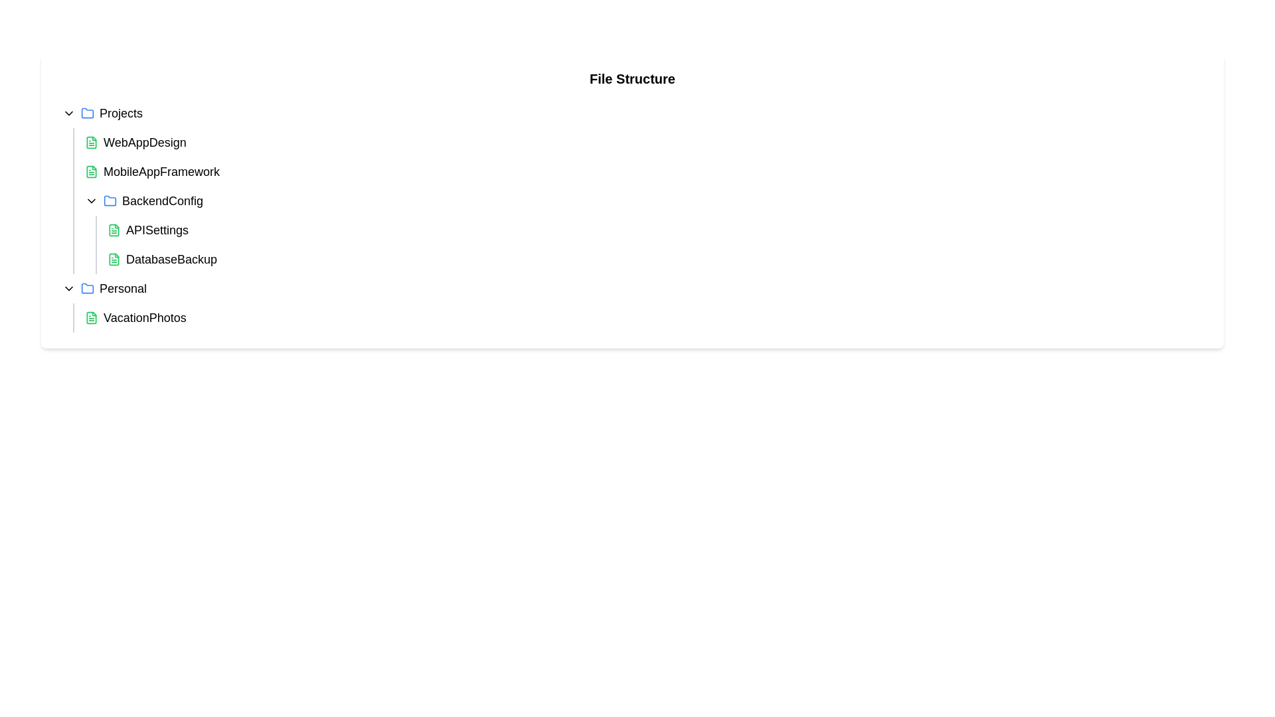 The width and height of the screenshot is (1275, 717). I want to click on the text display element labeled 'MobileAppFramework' in the file tree, so click(161, 171).